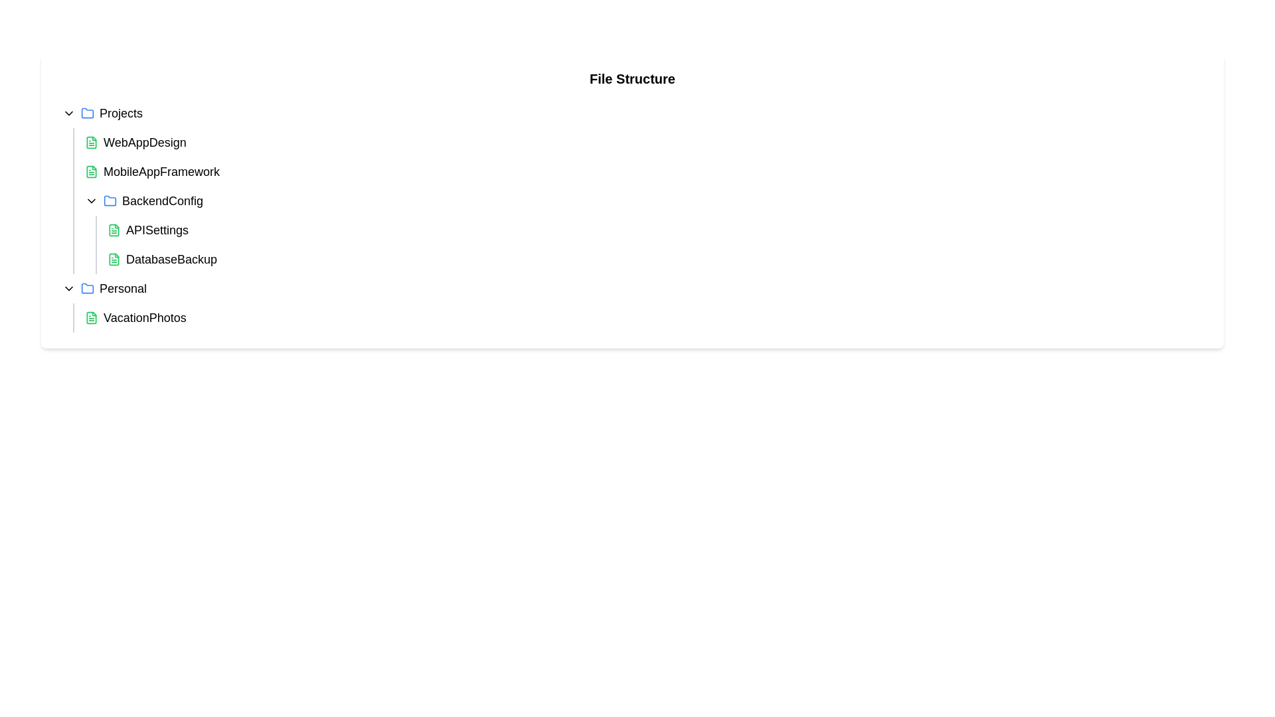 The width and height of the screenshot is (1275, 717). I want to click on the text display element labeled 'MobileAppFramework' in the file tree, so click(161, 171).